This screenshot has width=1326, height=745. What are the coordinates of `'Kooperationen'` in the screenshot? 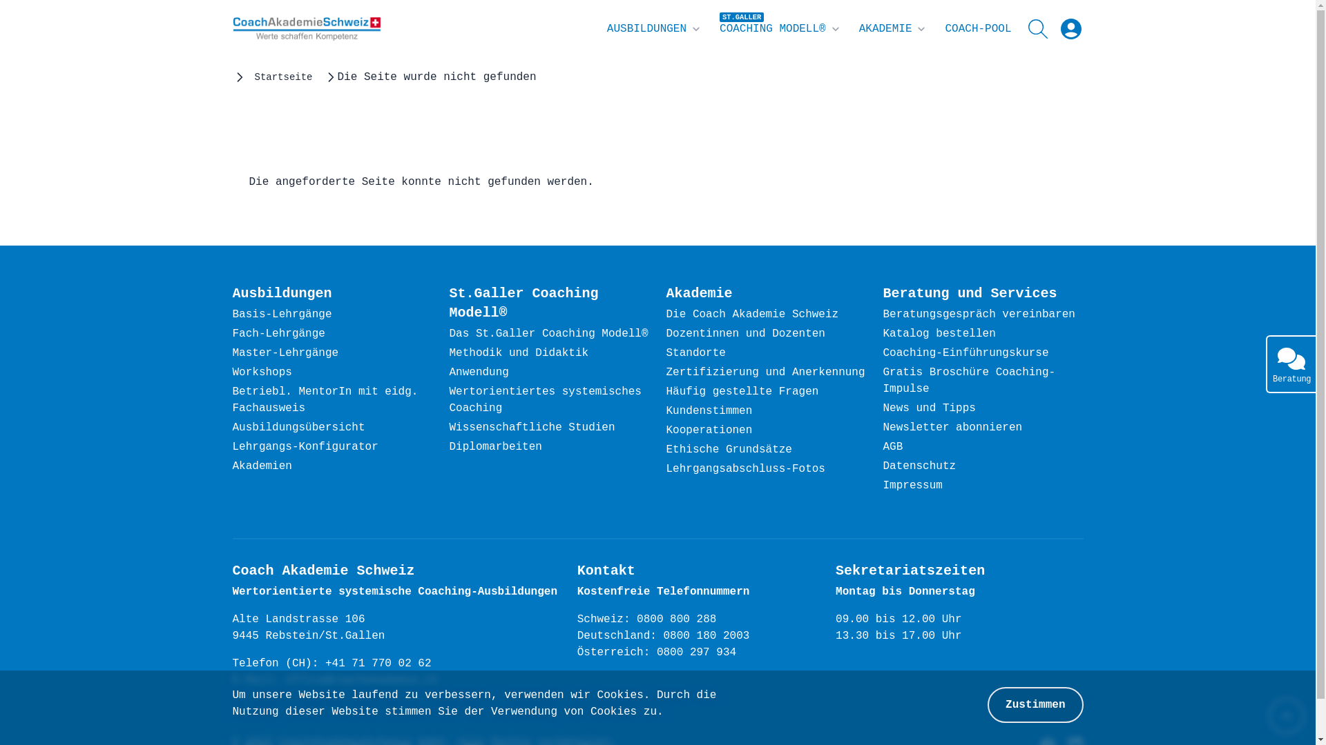 It's located at (709, 430).